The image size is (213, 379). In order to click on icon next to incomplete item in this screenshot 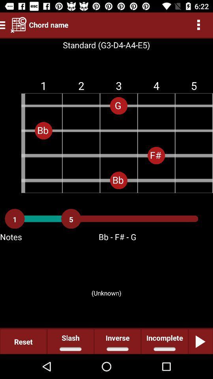, I will do `click(117, 341)`.